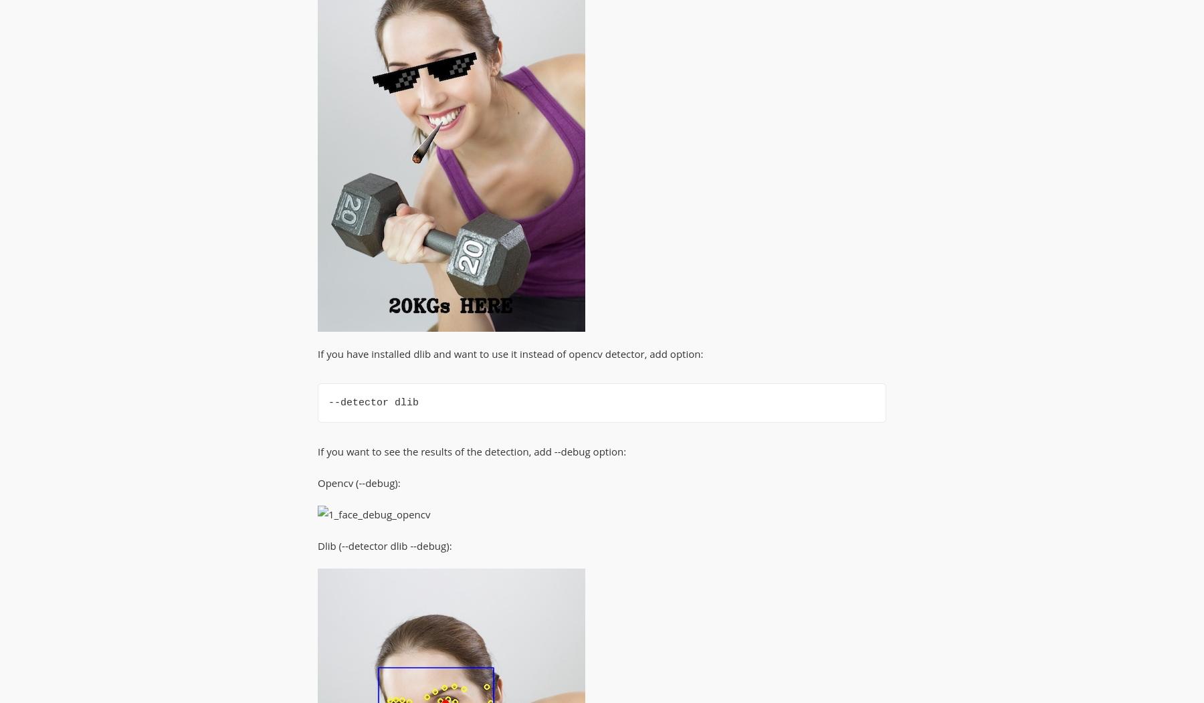  Describe the element at coordinates (384, 545) in the screenshot. I see `'Dlib (--detector dlib --debug):'` at that location.